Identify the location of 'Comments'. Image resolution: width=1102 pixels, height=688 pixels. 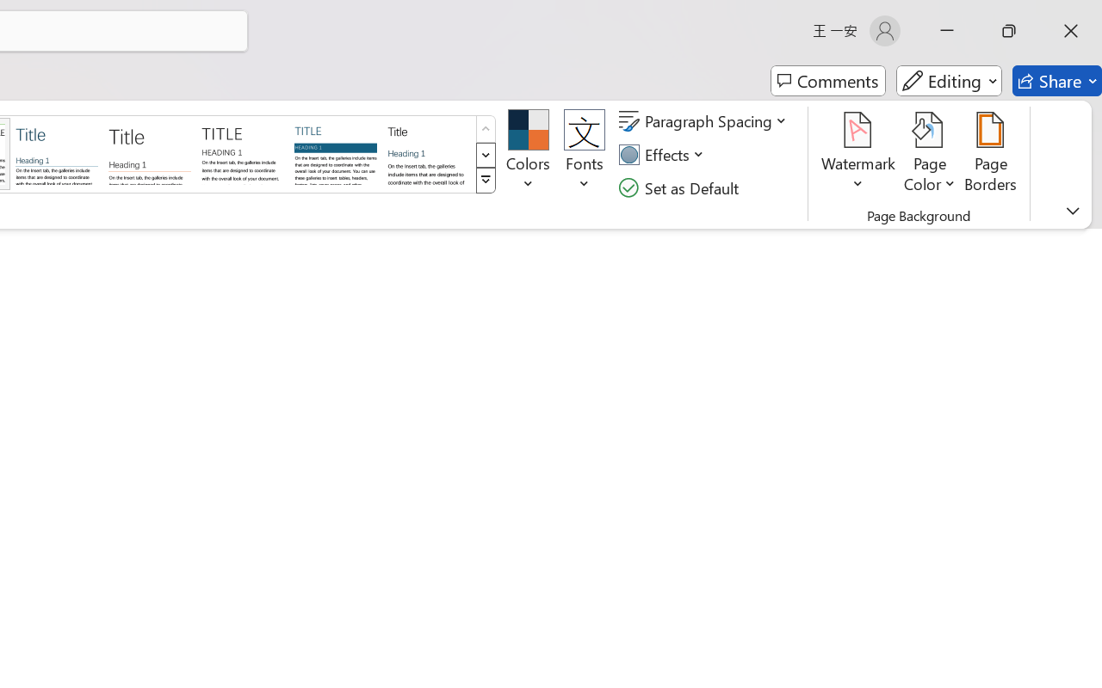
(827, 81).